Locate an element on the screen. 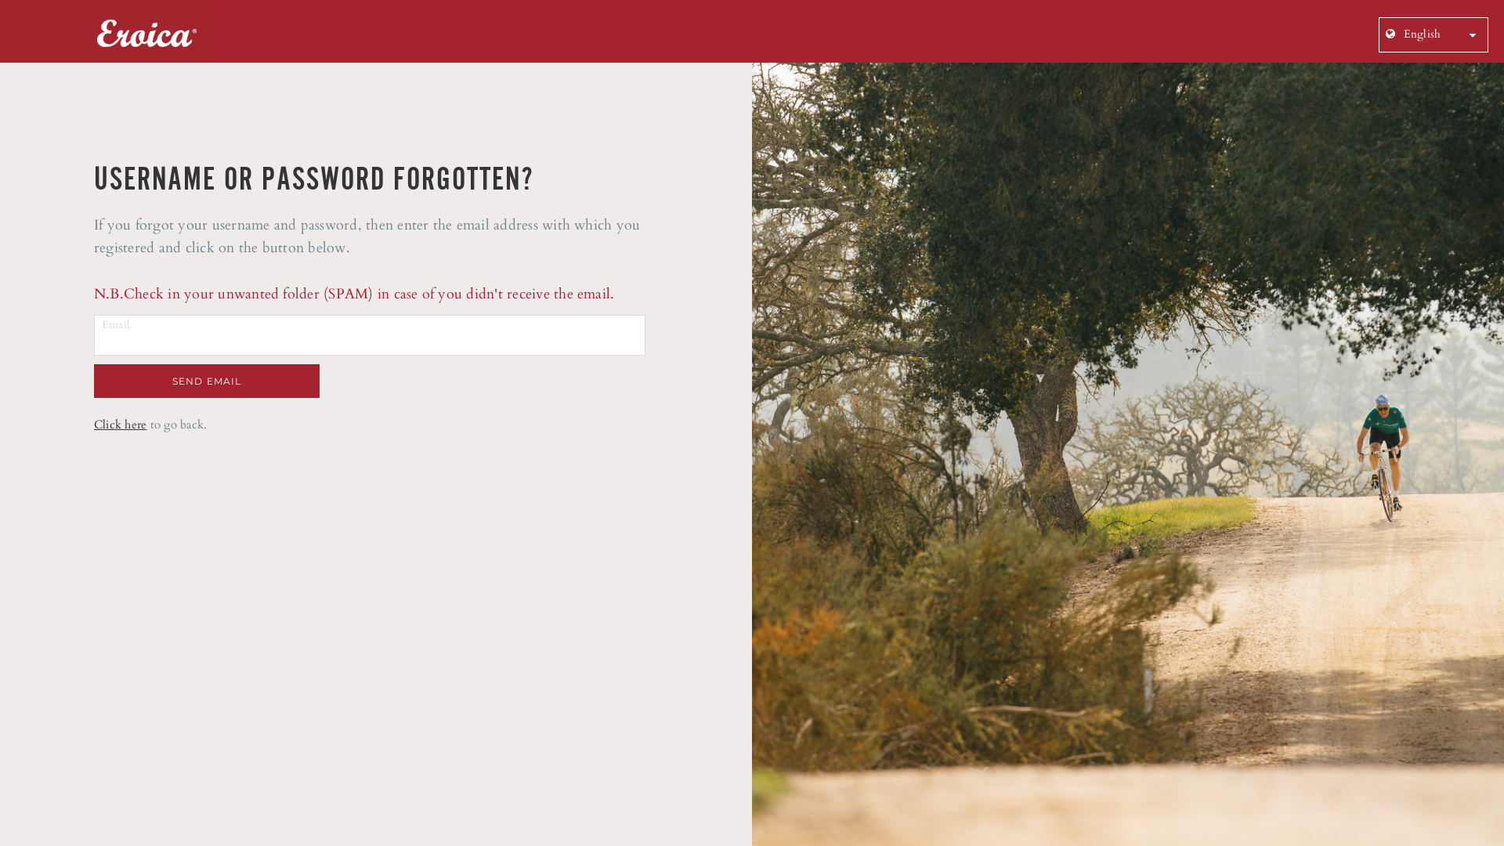 The height and width of the screenshot is (846, 1504). '  English' is located at coordinates (1410, 34).